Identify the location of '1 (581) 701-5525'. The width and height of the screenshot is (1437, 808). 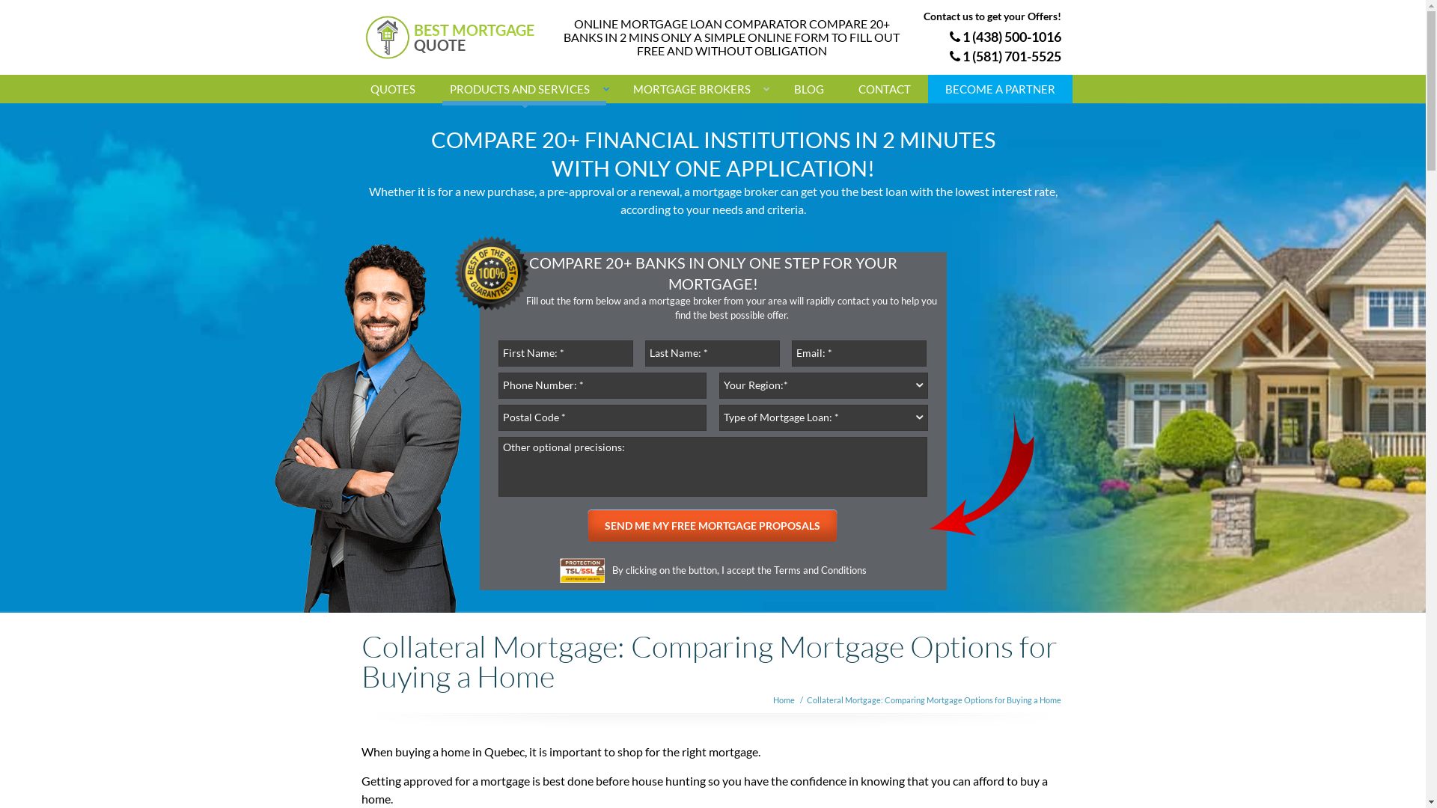
(1004, 55).